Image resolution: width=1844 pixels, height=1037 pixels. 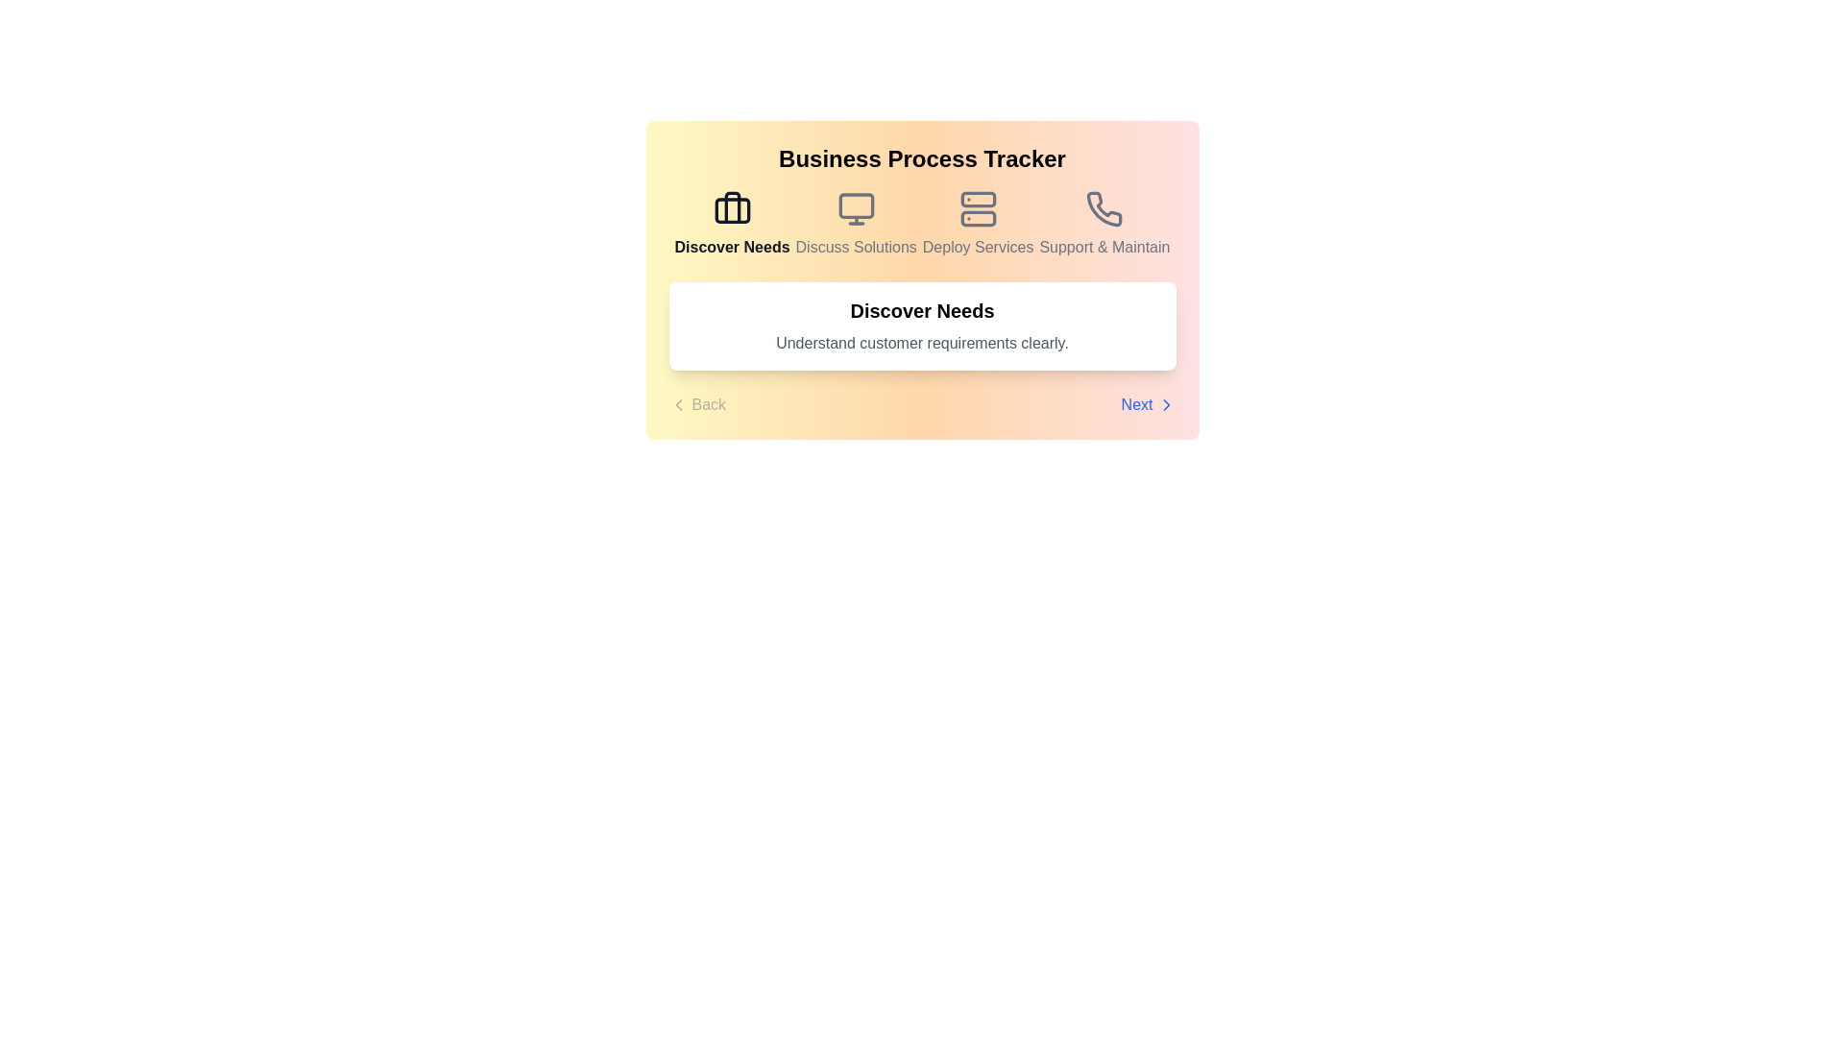 I want to click on the 'Next' button to proceed to the next step, so click(x=1148, y=403).